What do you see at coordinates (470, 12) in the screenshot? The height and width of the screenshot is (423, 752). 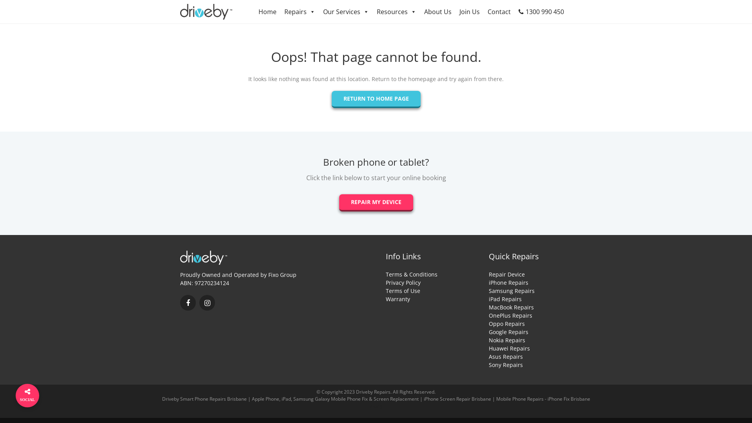 I see `'Join Us'` at bounding box center [470, 12].